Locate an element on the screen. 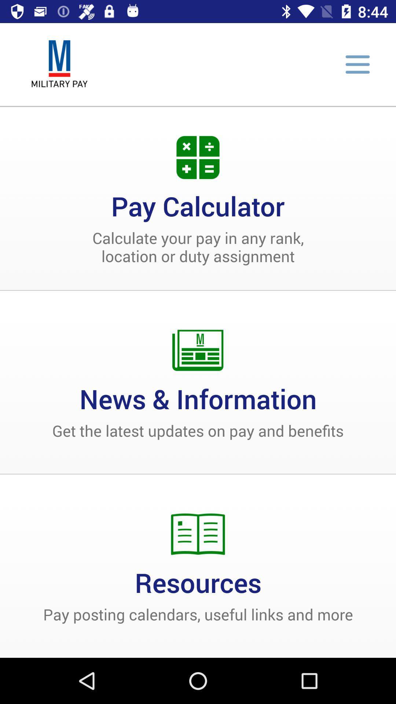  menu button is located at coordinates (357, 64).